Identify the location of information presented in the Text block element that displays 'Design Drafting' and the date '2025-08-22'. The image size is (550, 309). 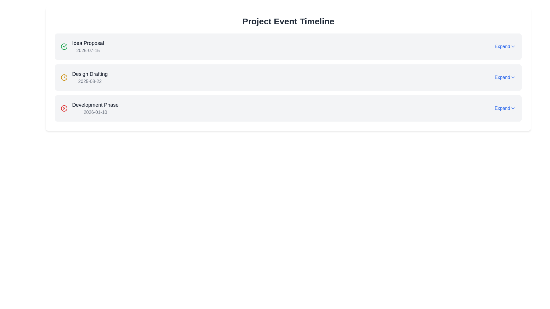
(90, 77).